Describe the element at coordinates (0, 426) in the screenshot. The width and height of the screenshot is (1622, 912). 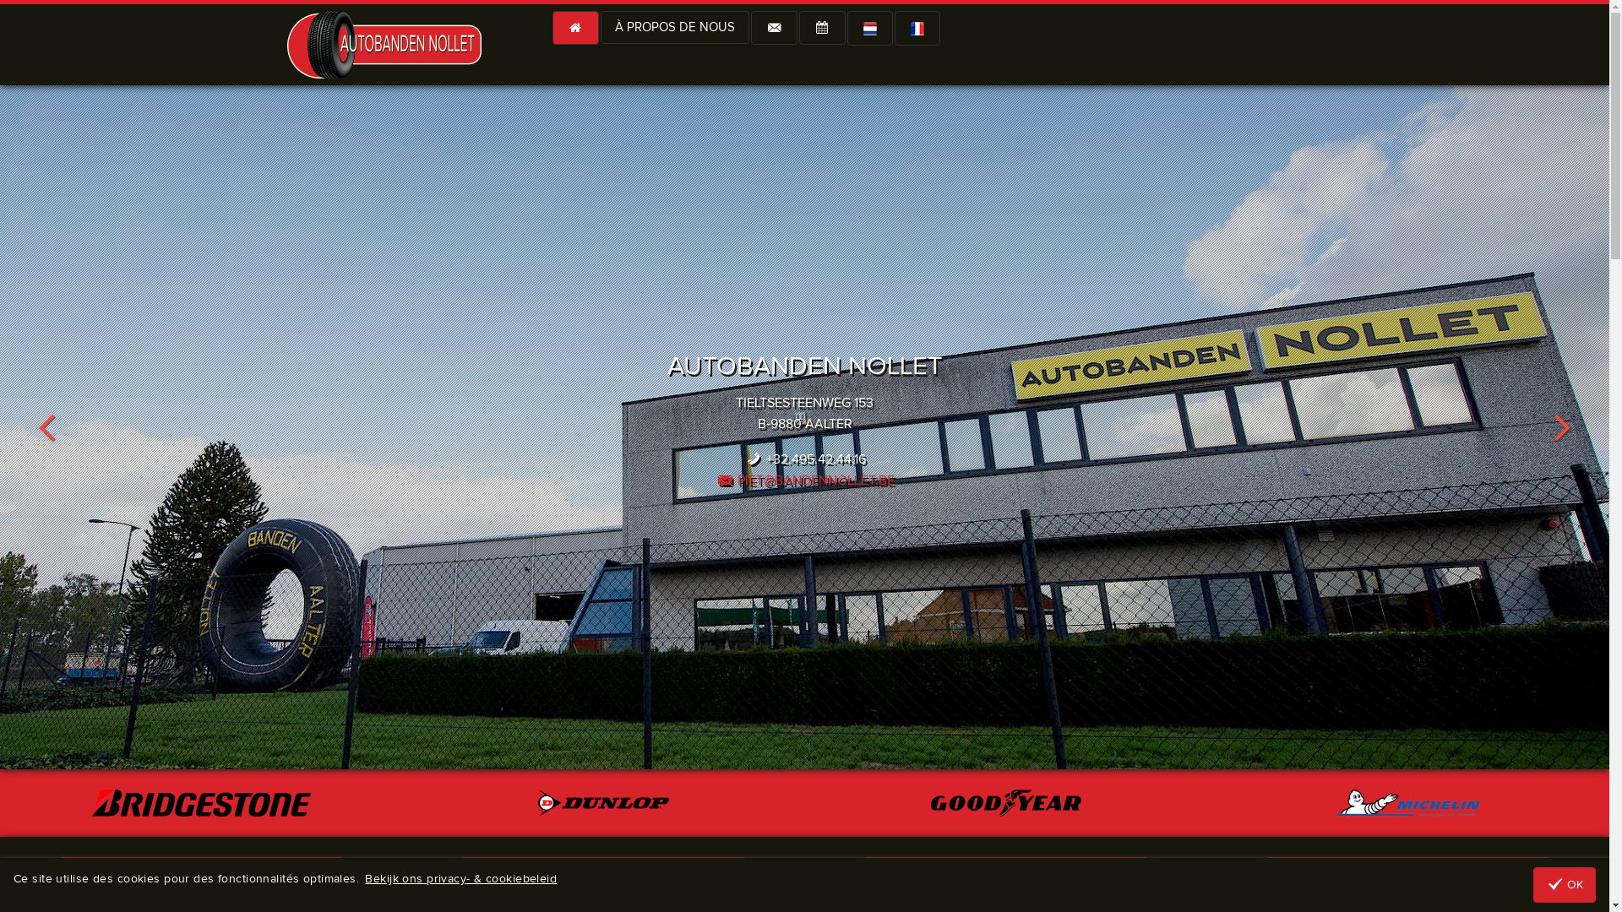
I see `'vorige slide'` at that location.